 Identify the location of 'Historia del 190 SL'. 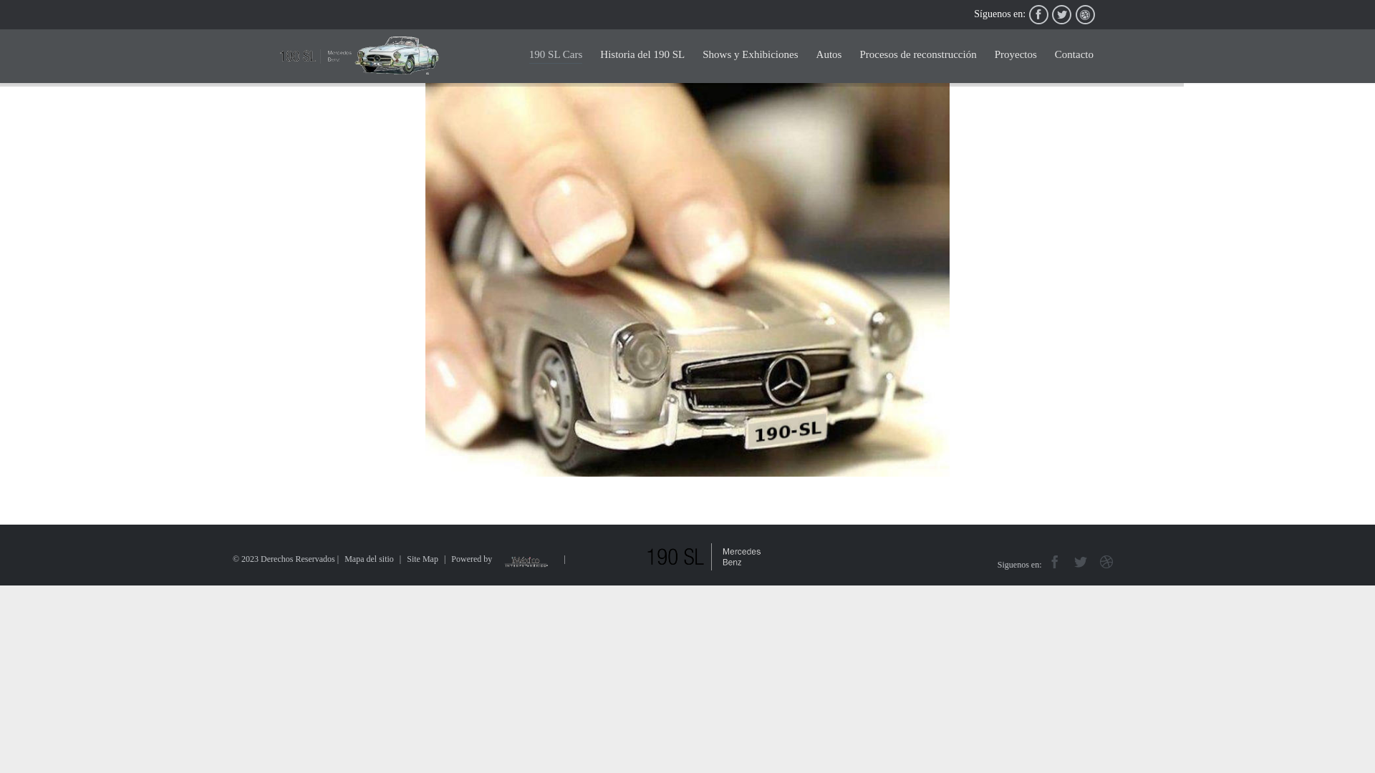
(600, 55).